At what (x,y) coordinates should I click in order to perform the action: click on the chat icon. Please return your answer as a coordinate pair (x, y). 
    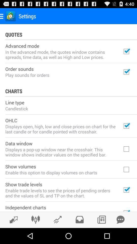
    Looking at the image, I should click on (120, 235).